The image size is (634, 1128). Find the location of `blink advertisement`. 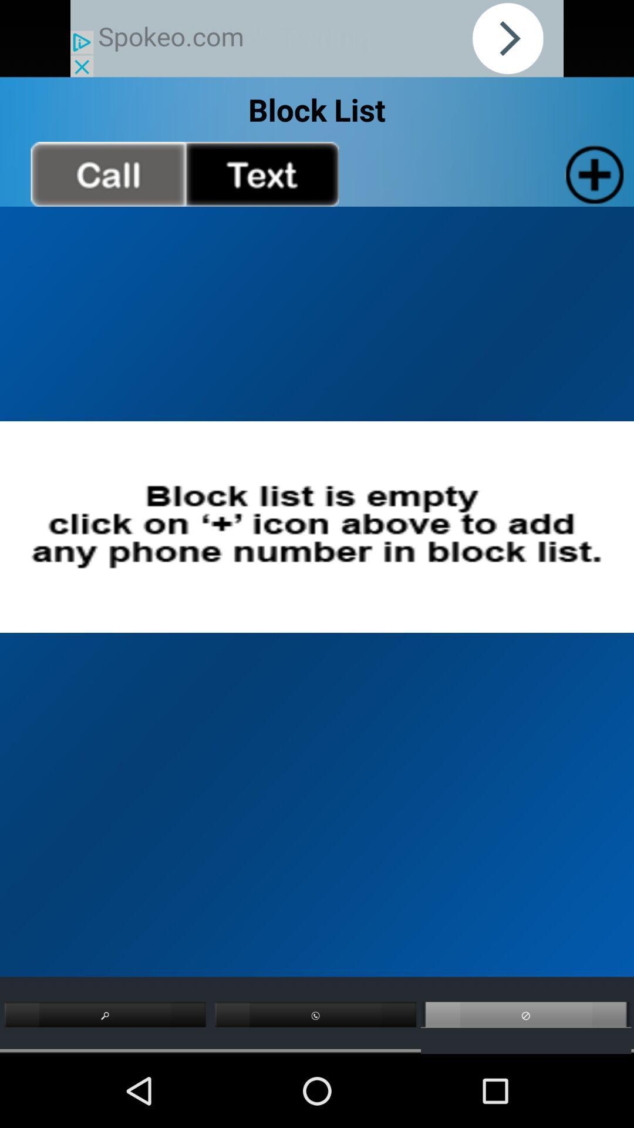

blink advertisement is located at coordinates (317, 38).